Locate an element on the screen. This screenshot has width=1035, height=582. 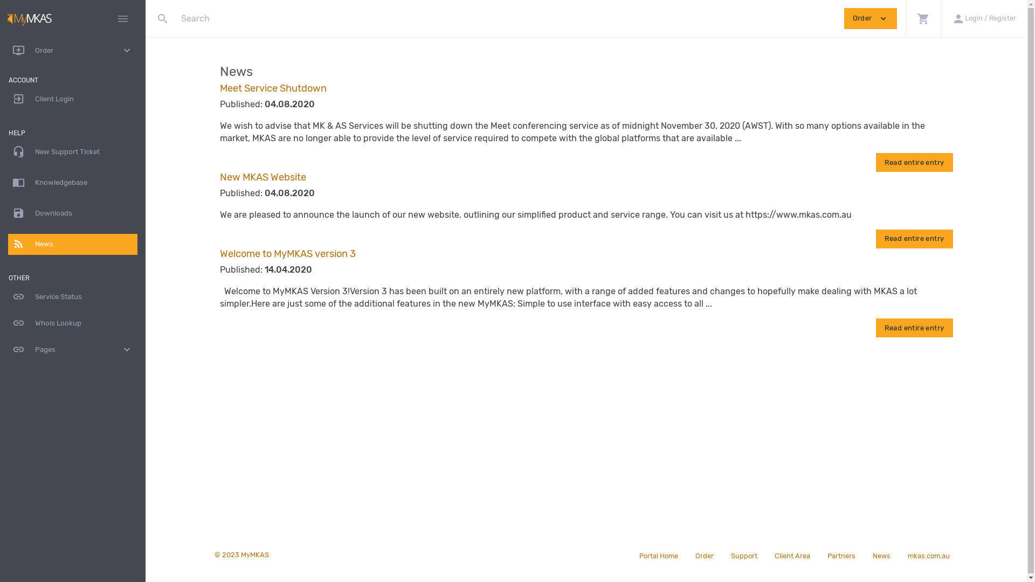
'New MKAS Website' is located at coordinates (263, 176).